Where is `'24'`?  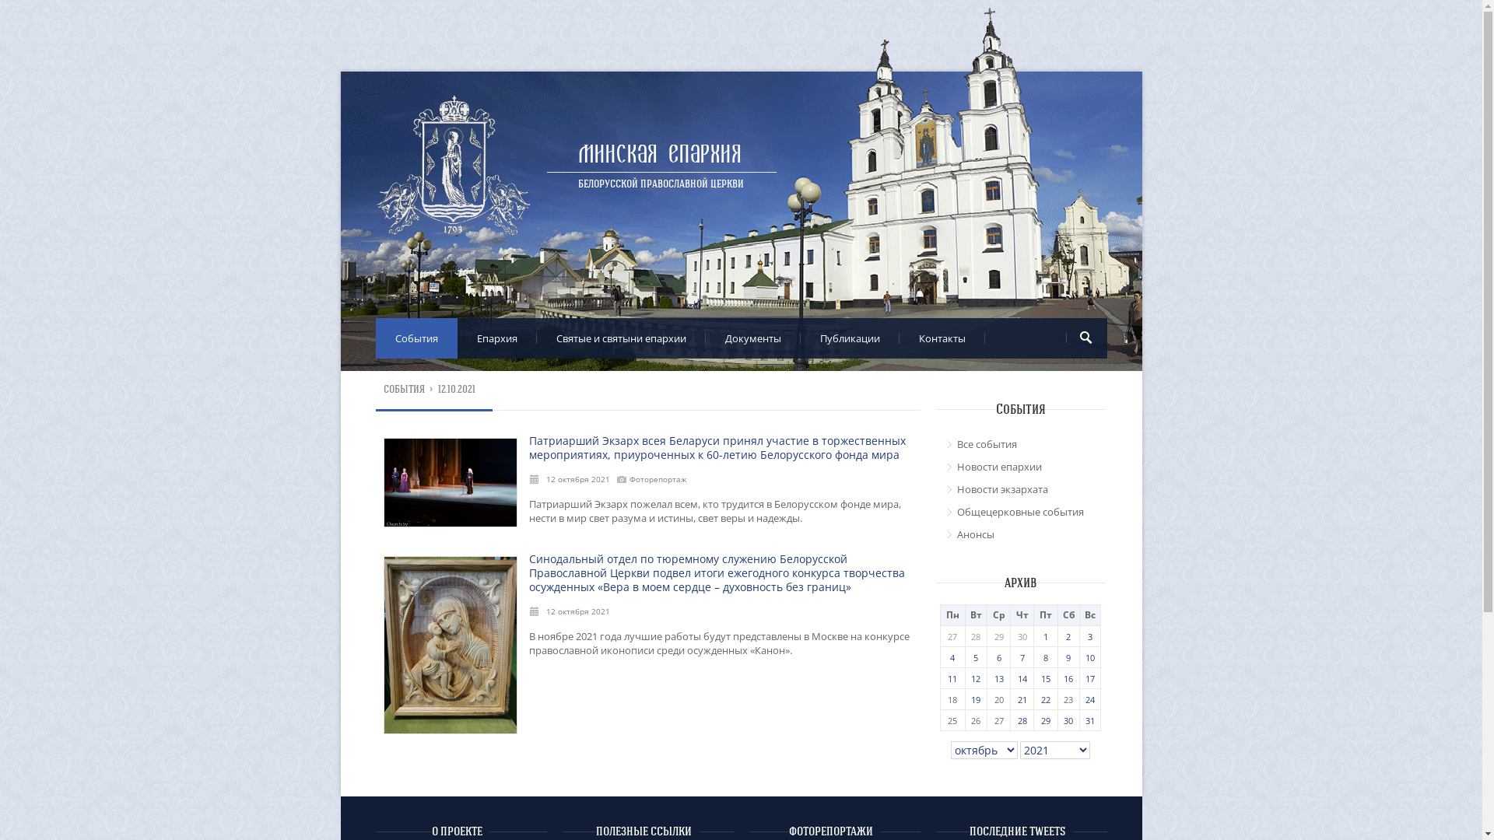 '24' is located at coordinates (1089, 698).